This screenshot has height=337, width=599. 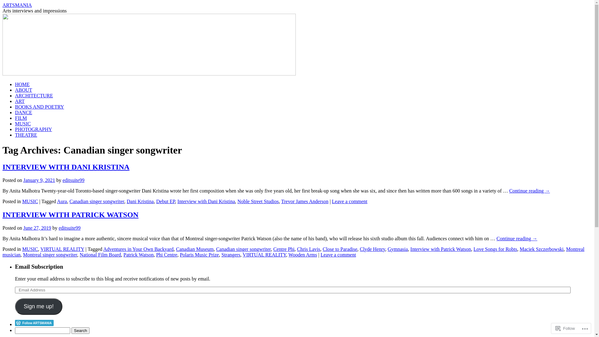 I want to click on 'ART', so click(x=20, y=101).